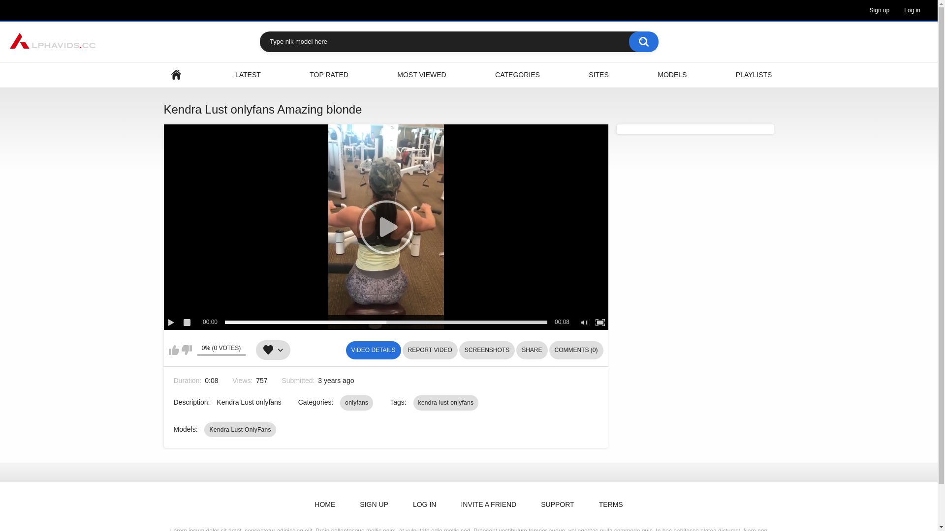 This screenshot has width=945, height=531. Describe the element at coordinates (671, 74) in the screenshot. I see `'MODELS'` at that location.